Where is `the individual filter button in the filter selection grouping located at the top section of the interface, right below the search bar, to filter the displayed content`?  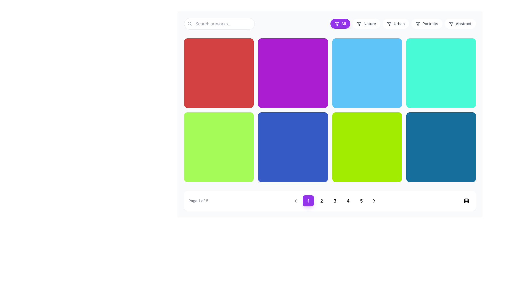 the individual filter button in the filter selection grouping located at the top section of the interface, right below the search bar, to filter the displayed content is located at coordinates (330, 23).